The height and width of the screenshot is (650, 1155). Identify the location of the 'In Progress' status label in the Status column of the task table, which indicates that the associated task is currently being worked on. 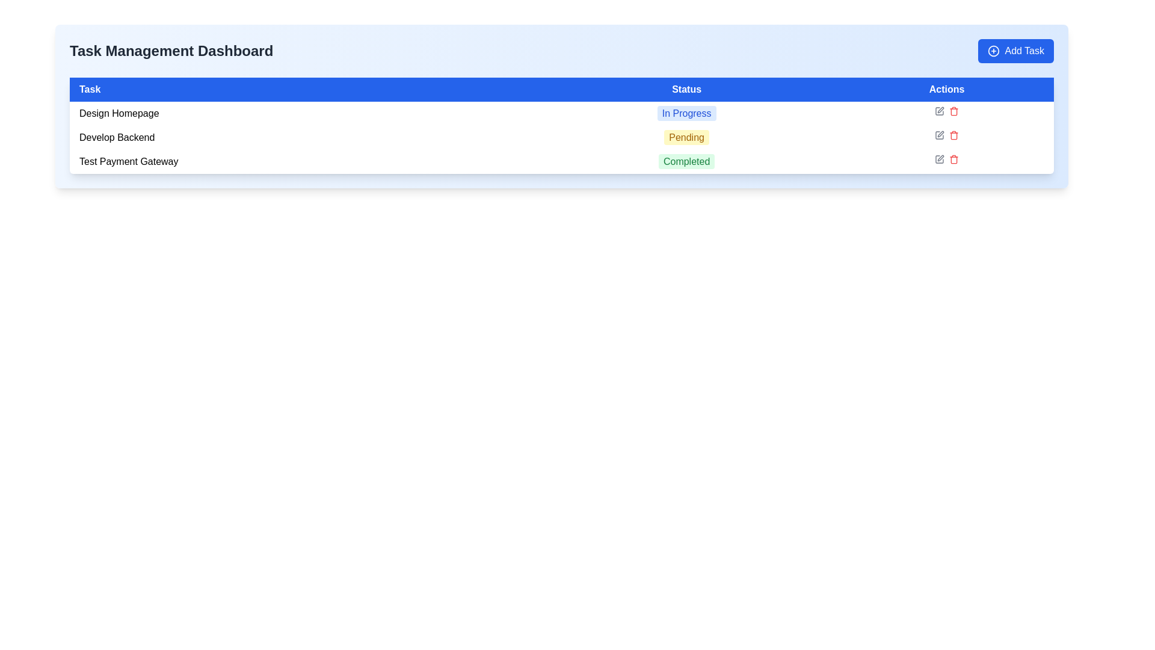
(686, 113).